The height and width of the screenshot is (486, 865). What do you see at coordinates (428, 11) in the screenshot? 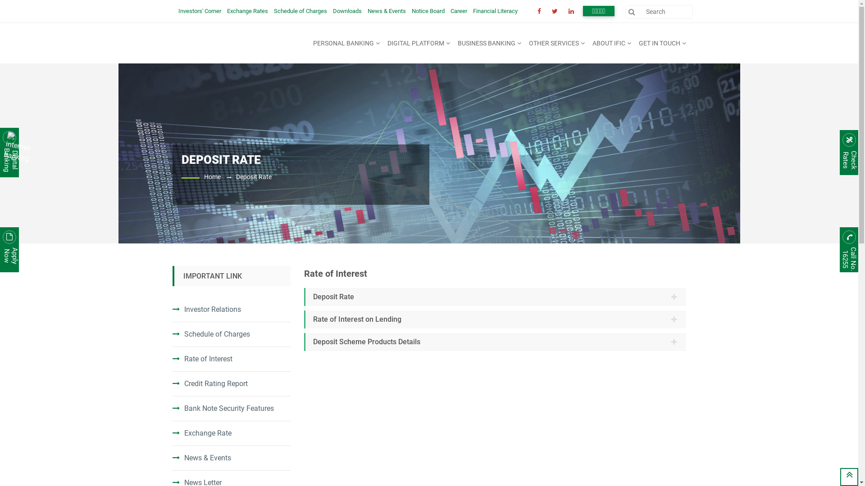
I see `'Notice Board'` at bounding box center [428, 11].